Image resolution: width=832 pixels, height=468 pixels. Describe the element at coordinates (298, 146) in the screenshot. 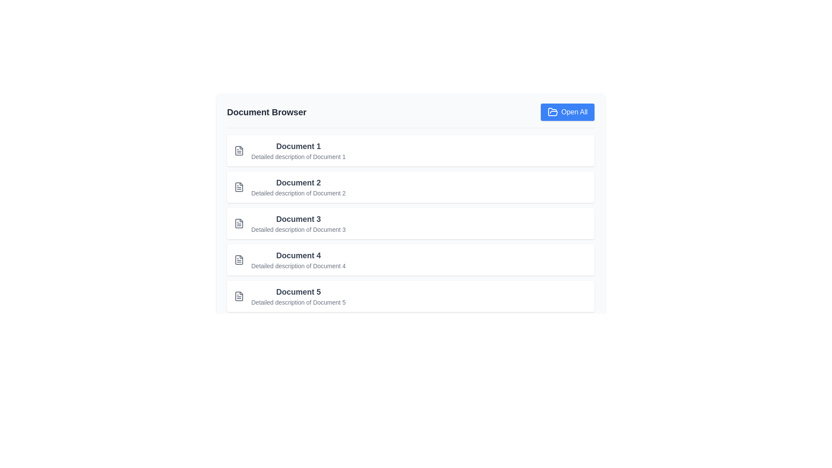

I see `text 'Document 1' displayed in a prominent, bold font, indicating it is the title of a document entry in the list` at that location.